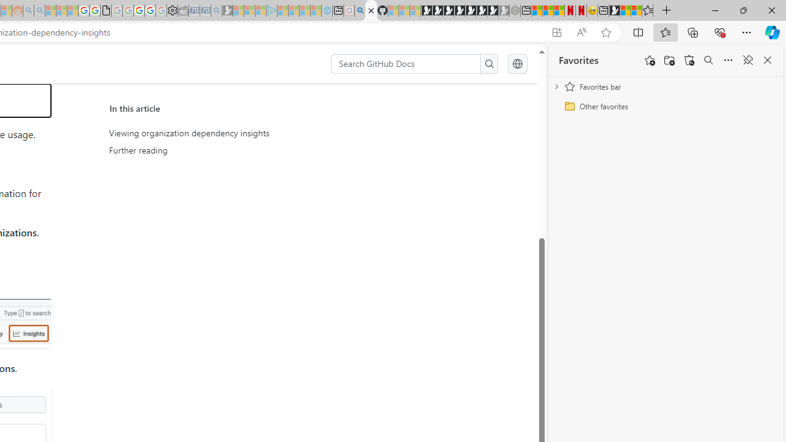  What do you see at coordinates (225, 133) in the screenshot?
I see `'Viewing organization dependency insights'` at bounding box center [225, 133].